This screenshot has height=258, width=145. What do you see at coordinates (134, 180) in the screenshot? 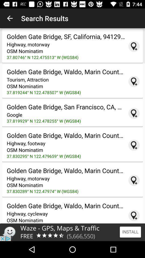
I see `location` at bounding box center [134, 180].